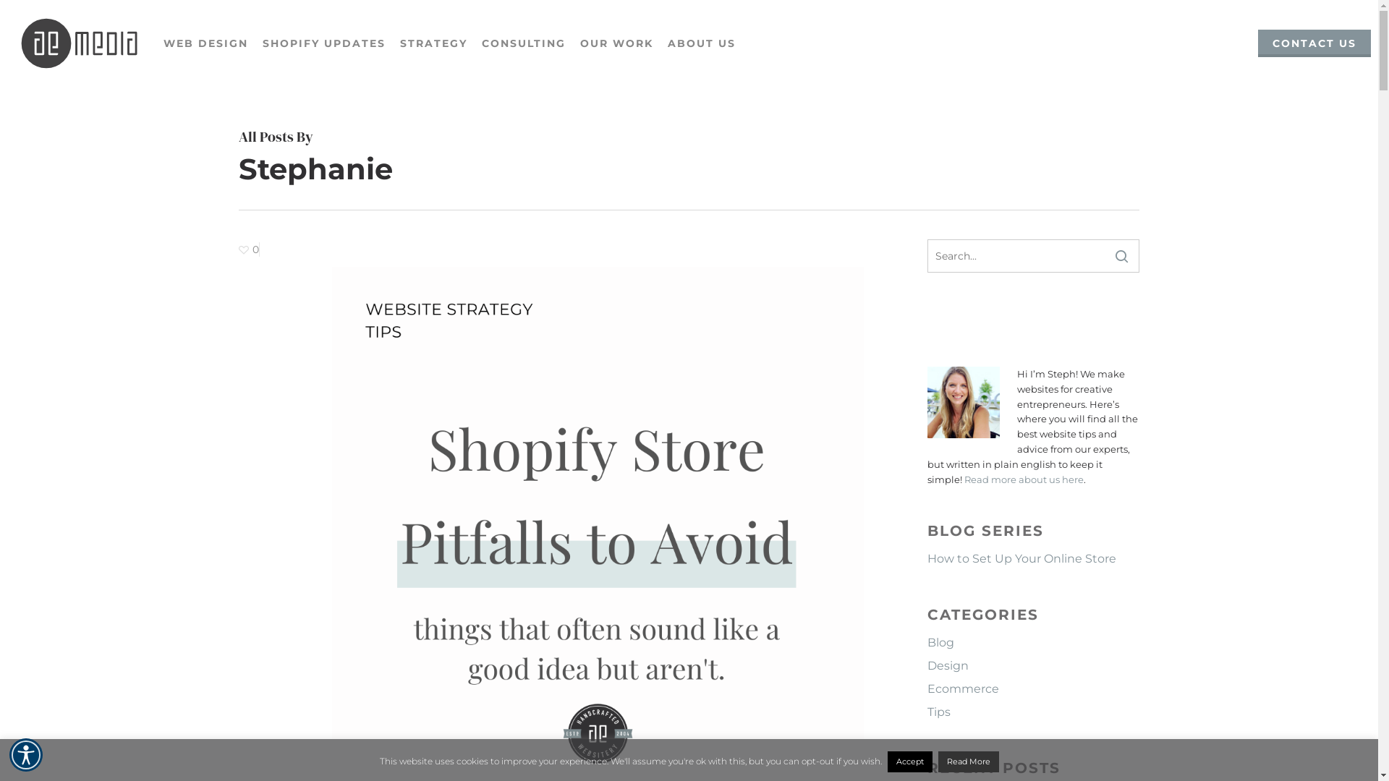 The width and height of the screenshot is (1389, 781). Describe the element at coordinates (475, 43) in the screenshot. I see `'CONSULTING'` at that location.